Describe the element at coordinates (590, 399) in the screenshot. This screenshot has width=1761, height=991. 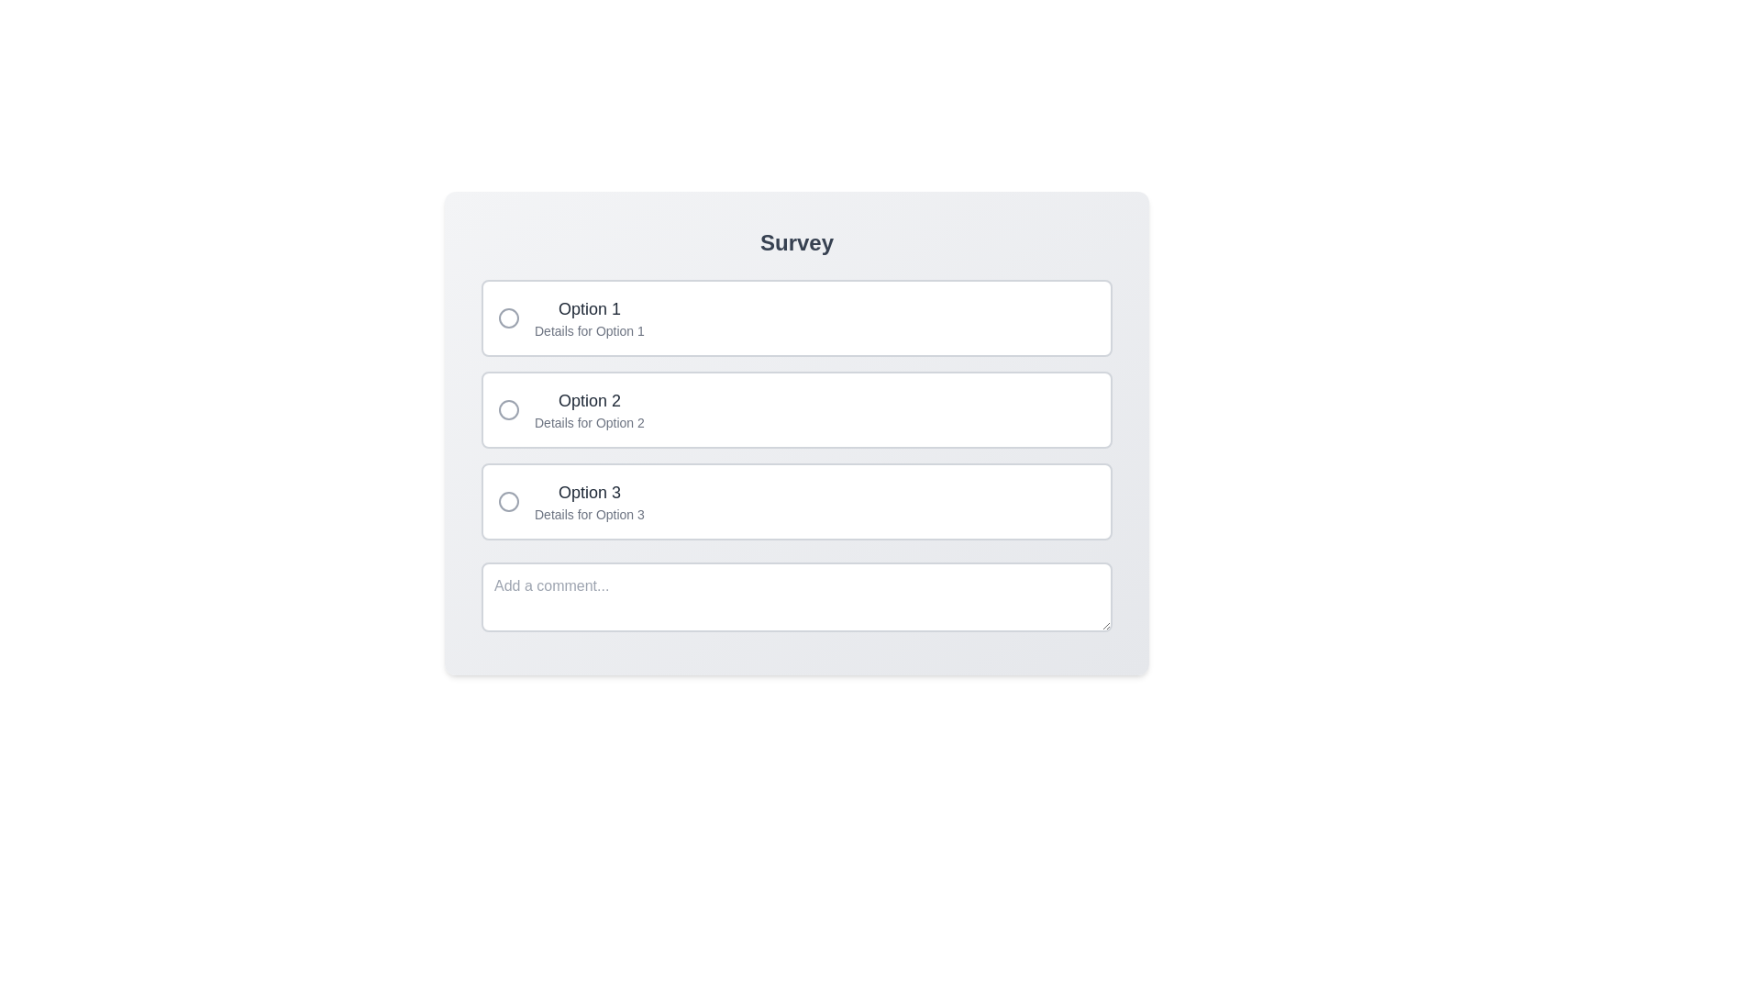
I see `the Text Label indicating the title of the second choice in the survey options, positioned between 'Option 1' and 'Option 3'` at that location.